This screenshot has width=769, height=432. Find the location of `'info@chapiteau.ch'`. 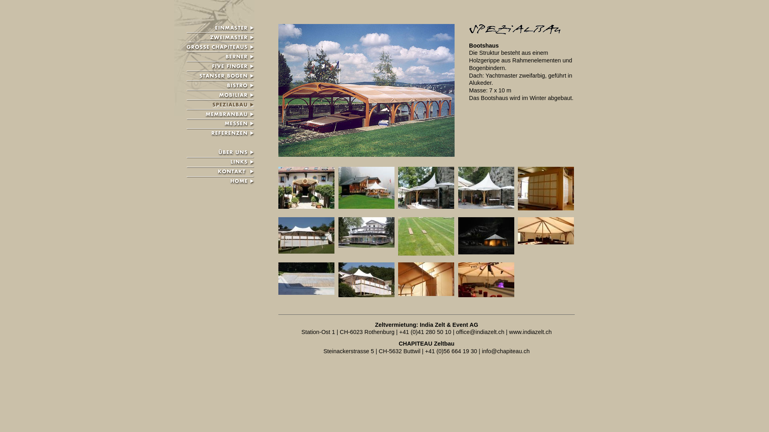

'info@chapiteau.ch' is located at coordinates (481, 351).